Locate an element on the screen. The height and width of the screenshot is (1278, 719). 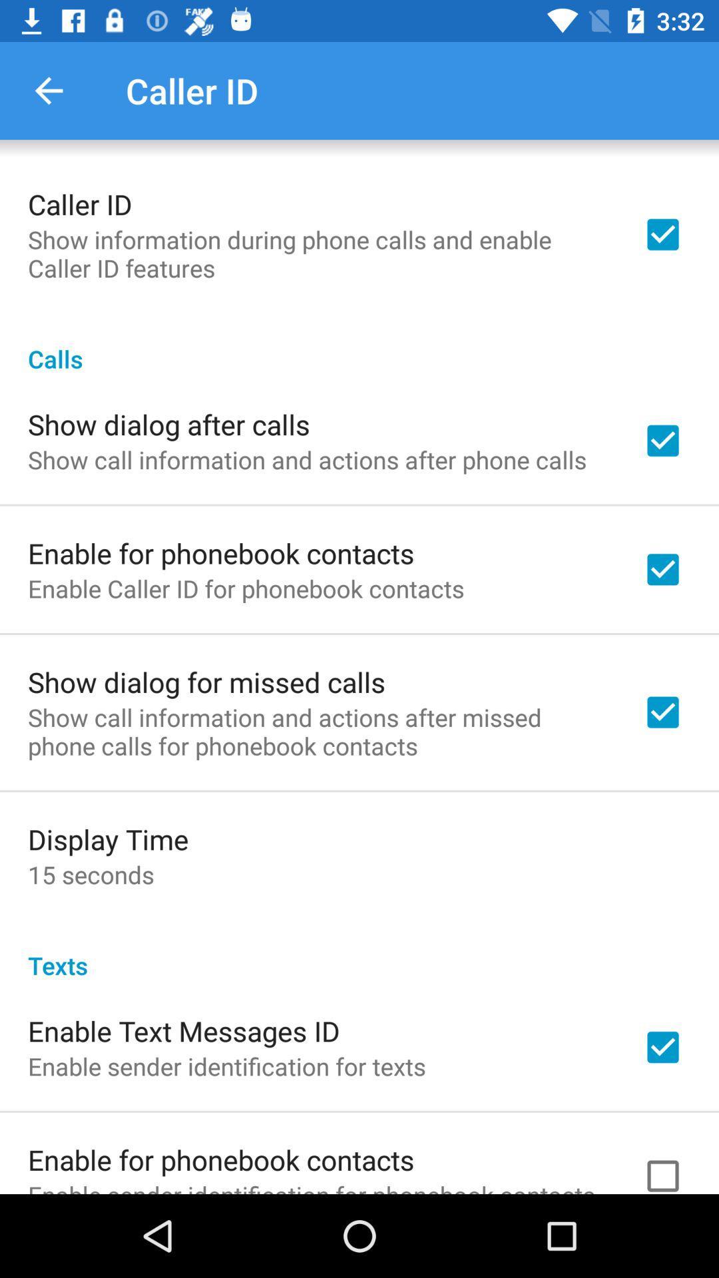
the item below the display time is located at coordinates (90, 875).